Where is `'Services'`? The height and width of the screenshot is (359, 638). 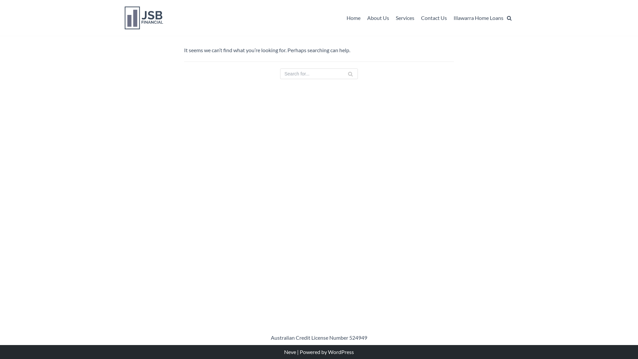 'Services' is located at coordinates (405, 18).